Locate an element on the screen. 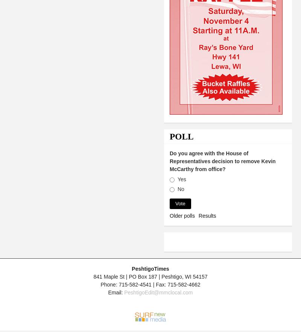  'Do you agree with the House of Representatives decision to remove Kevin McCarthy from office?' is located at coordinates (222, 161).